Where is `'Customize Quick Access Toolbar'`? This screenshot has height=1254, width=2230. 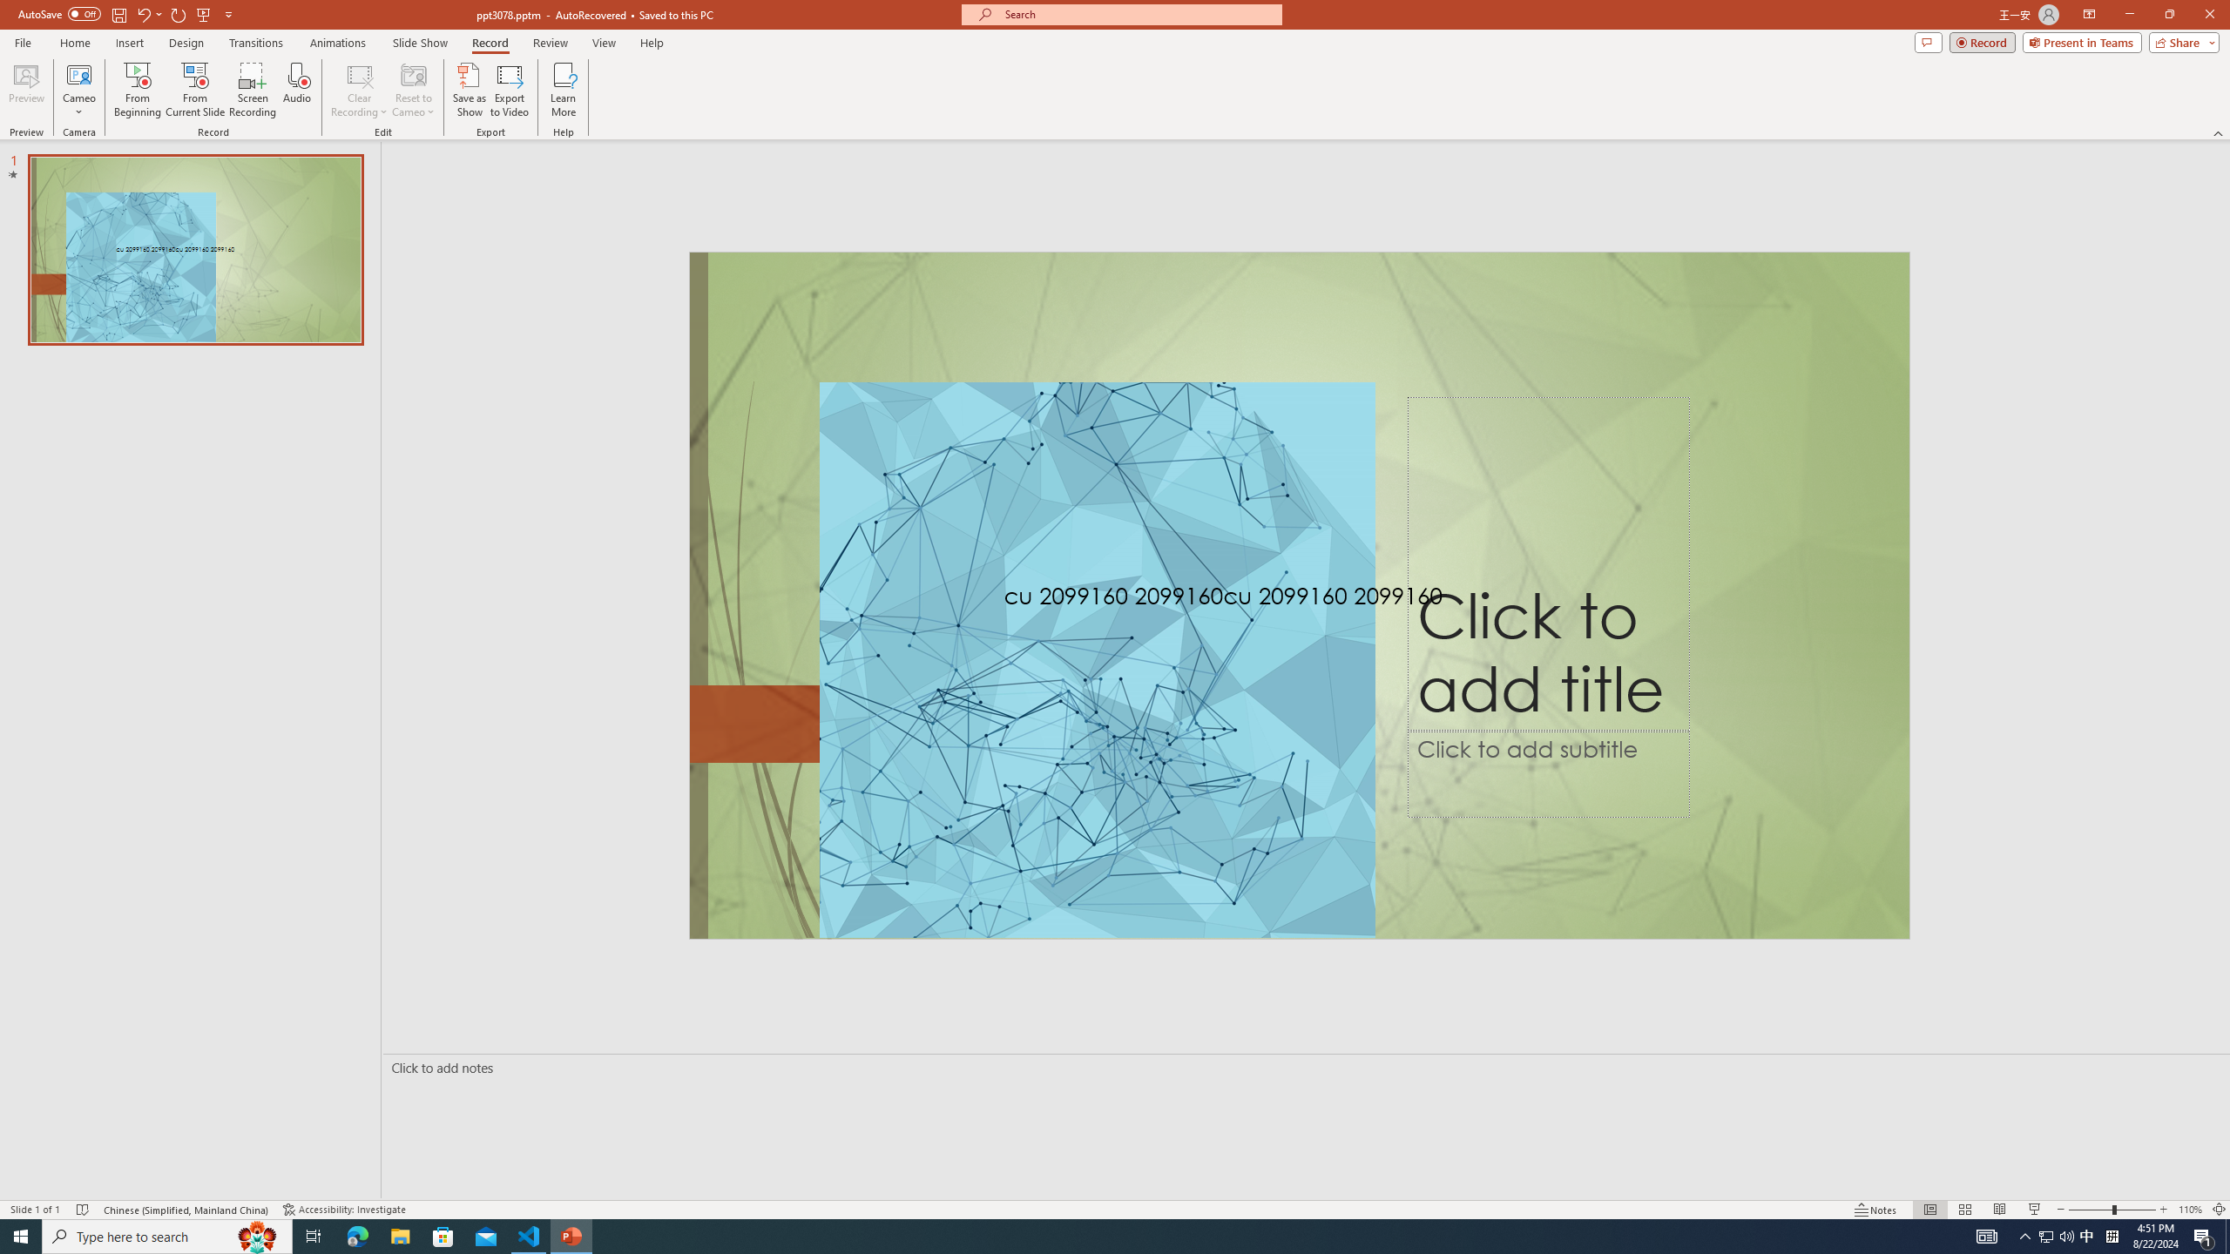 'Customize Quick Access Toolbar' is located at coordinates (227, 13).